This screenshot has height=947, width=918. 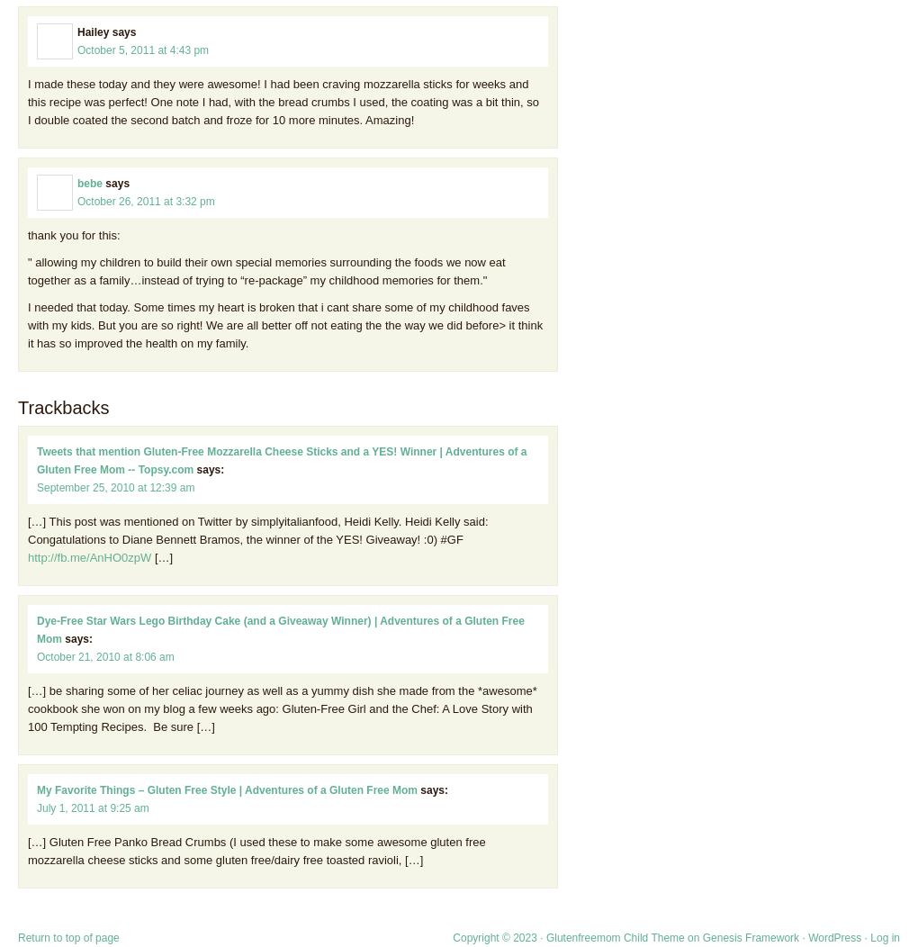 What do you see at coordinates (161, 556) in the screenshot?
I see `'[…]'` at bounding box center [161, 556].